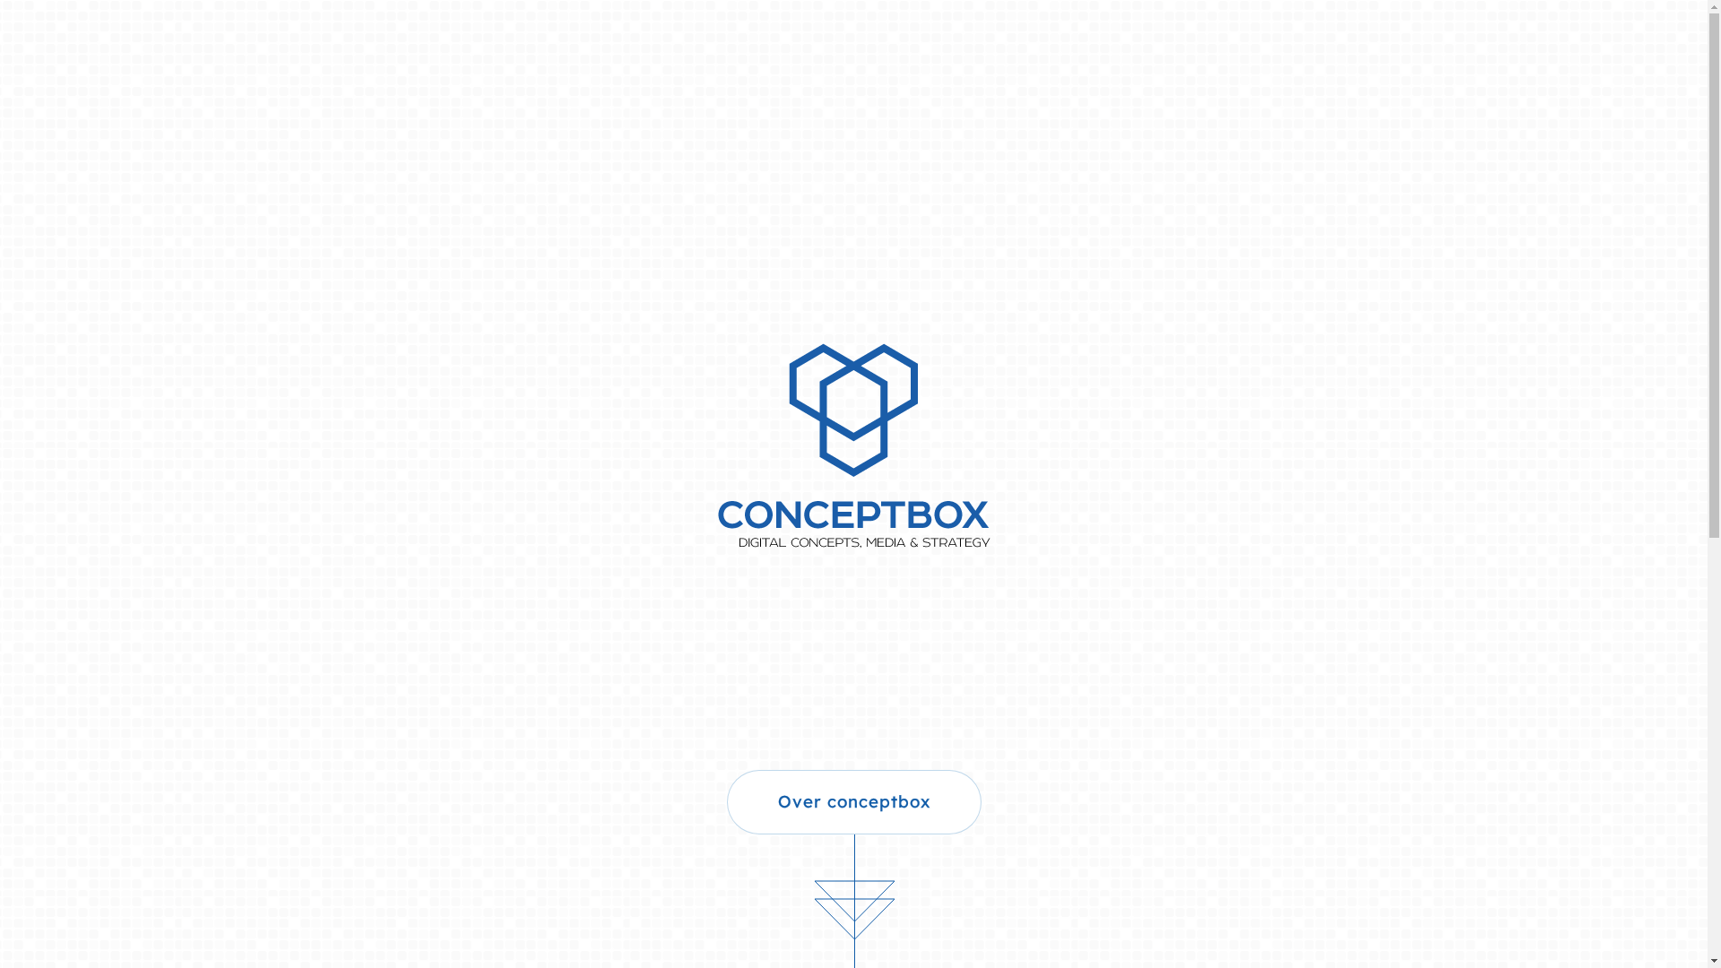 This screenshot has height=968, width=1721. I want to click on 'Over conceptbox', so click(852, 800).